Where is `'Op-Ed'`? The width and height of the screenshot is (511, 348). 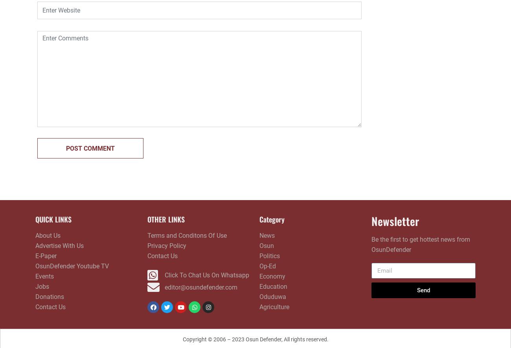
'Op-Ed' is located at coordinates (267, 266).